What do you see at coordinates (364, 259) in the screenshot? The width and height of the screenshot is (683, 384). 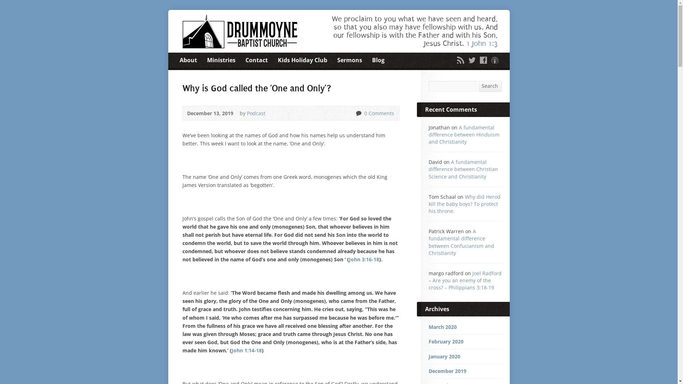 I see `'John 3:16-18'` at bounding box center [364, 259].